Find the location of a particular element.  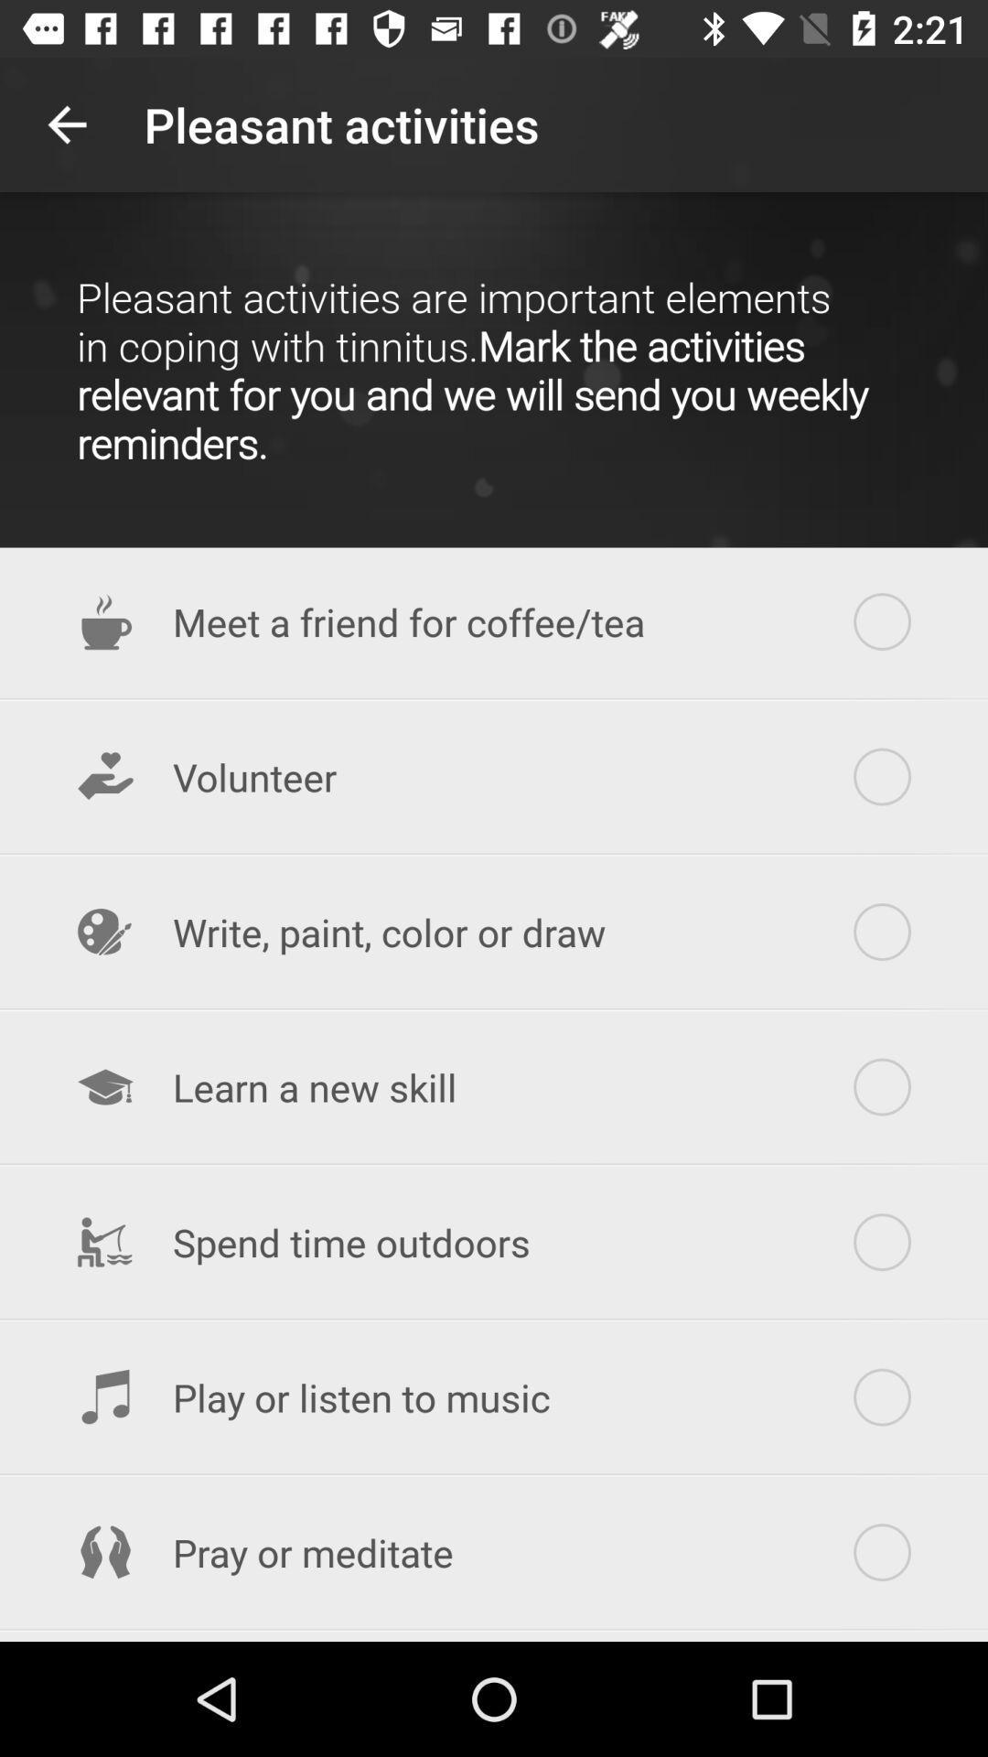

icon below the play or listen item is located at coordinates (494, 1551).